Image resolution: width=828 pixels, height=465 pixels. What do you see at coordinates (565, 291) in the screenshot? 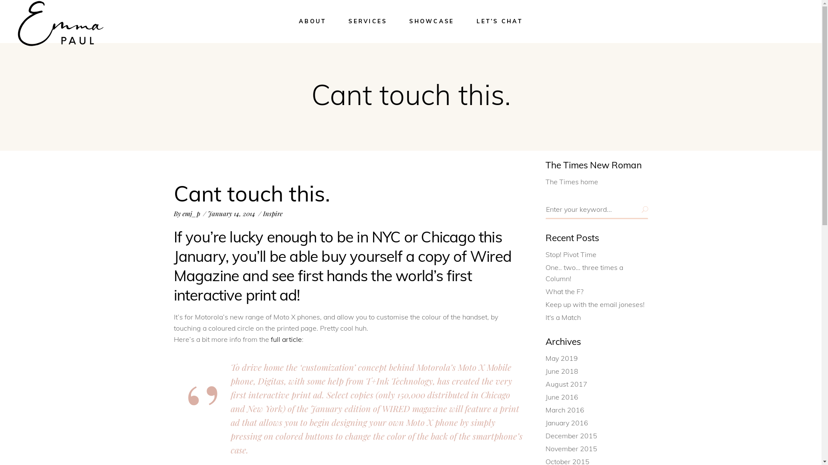
I see `'What the F?'` at bounding box center [565, 291].